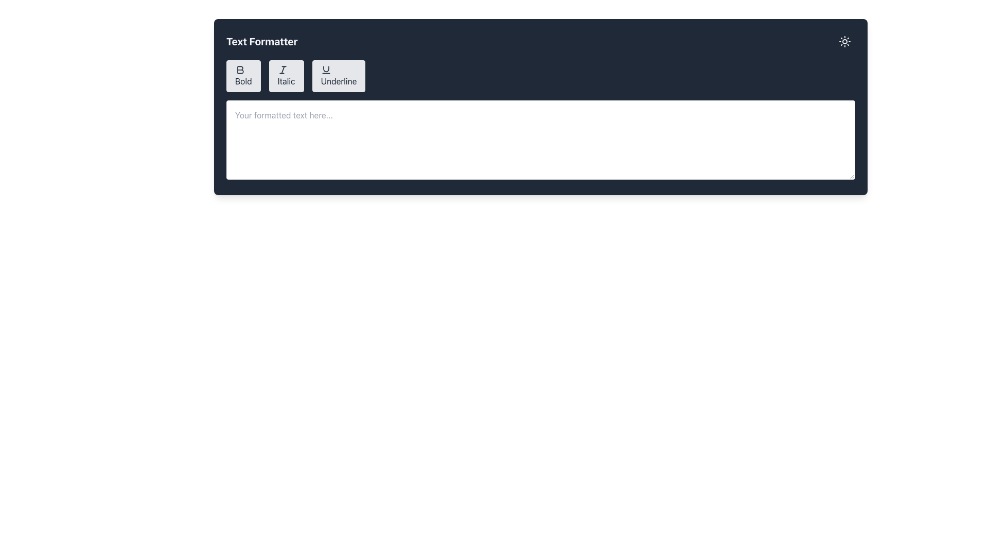  Describe the element at coordinates (283, 69) in the screenshot. I see `the italic icon within the 'Italic' button in the text formatter toolbar` at that location.